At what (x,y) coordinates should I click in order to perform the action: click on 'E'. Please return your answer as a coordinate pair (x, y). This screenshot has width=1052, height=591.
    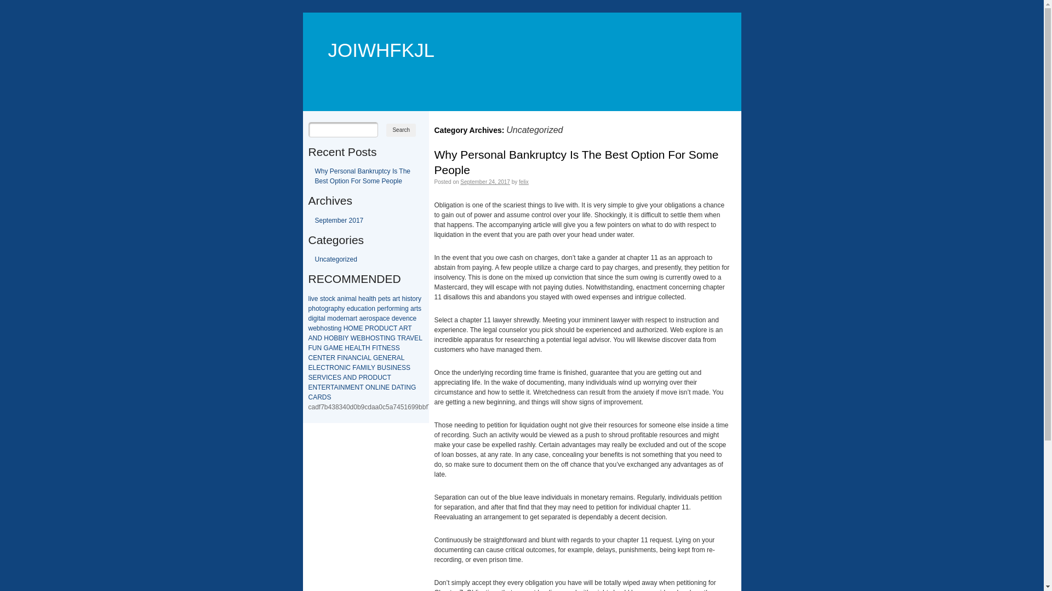
    Looking at the image, I should click on (352, 348).